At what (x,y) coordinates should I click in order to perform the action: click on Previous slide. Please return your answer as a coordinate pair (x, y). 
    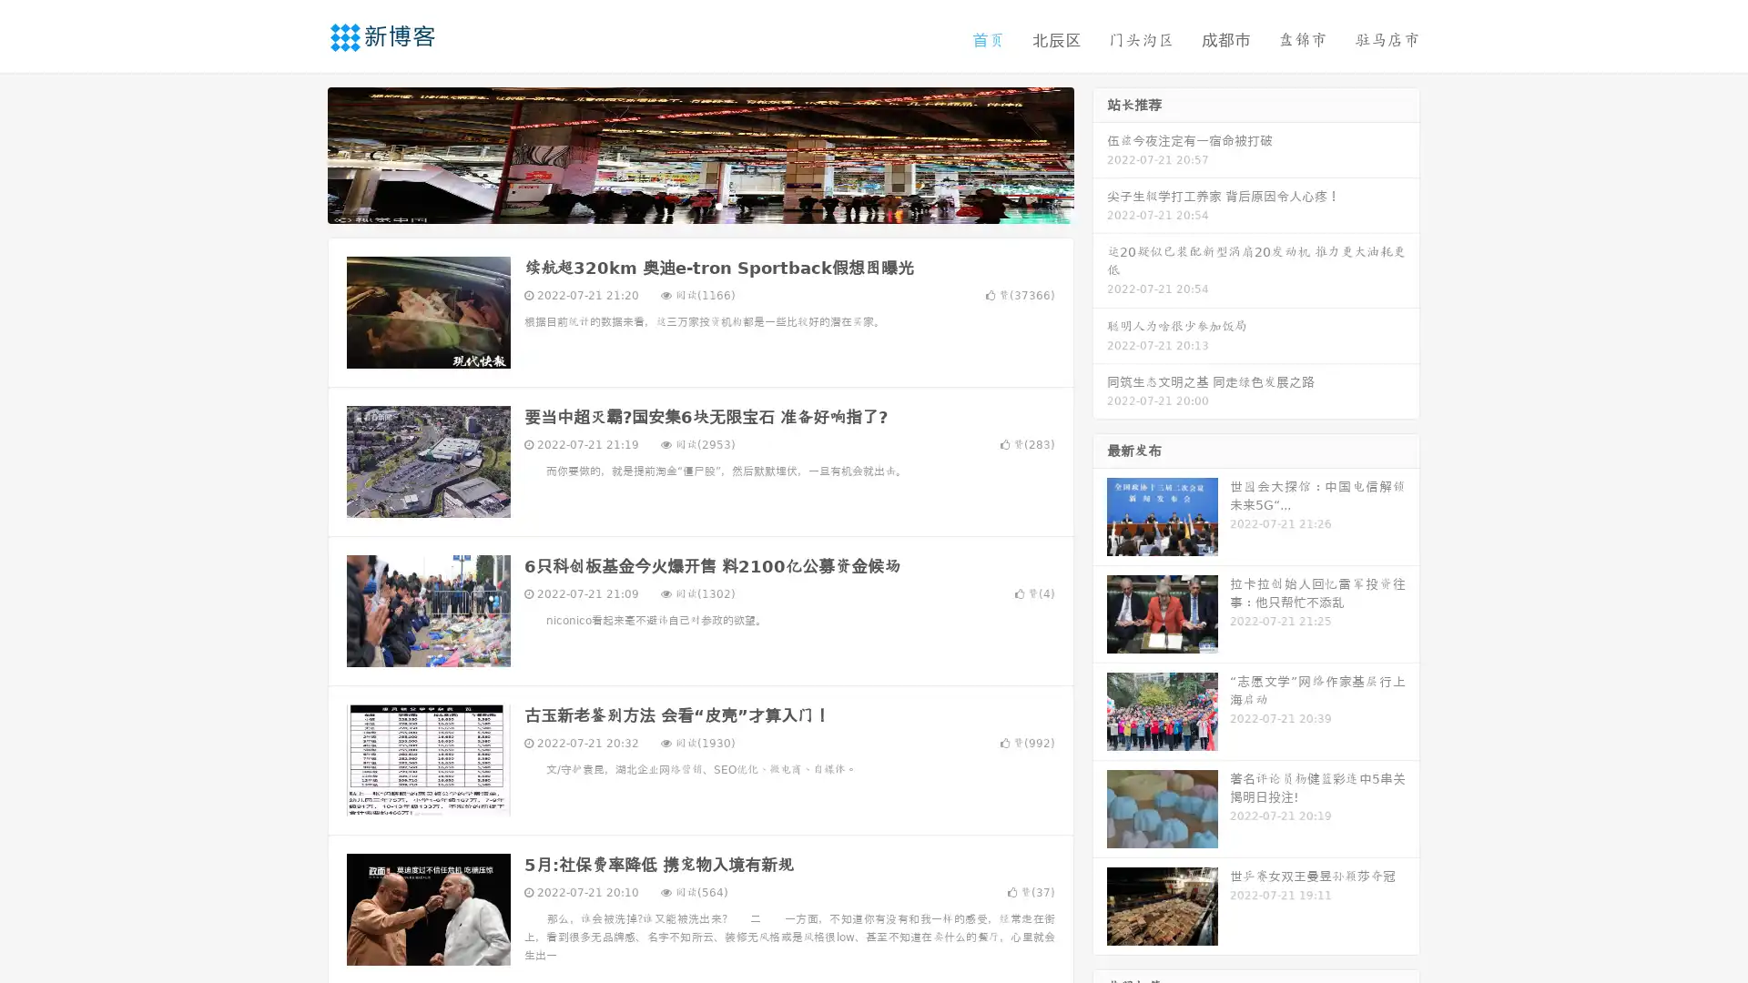
    Looking at the image, I should click on (300, 153).